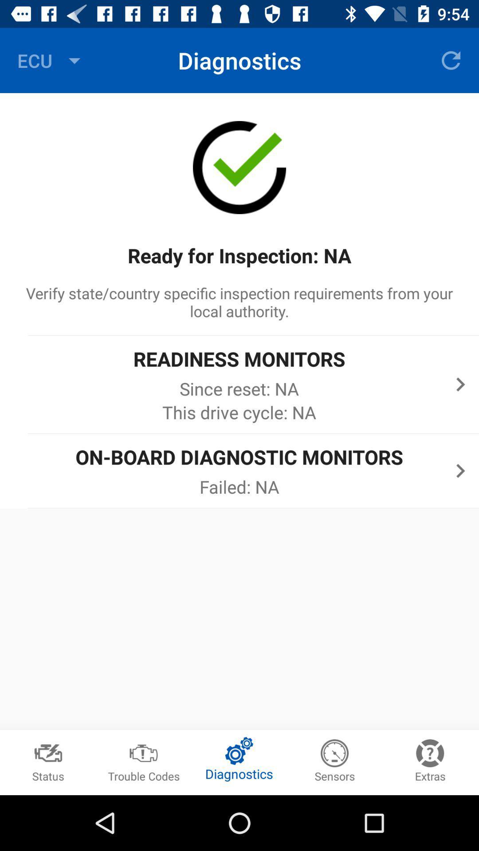 This screenshot has width=479, height=851. What do you see at coordinates (451, 60) in the screenshot?
I see `the item to the right of the diagnostics icon` at bounding box center [451, 60].